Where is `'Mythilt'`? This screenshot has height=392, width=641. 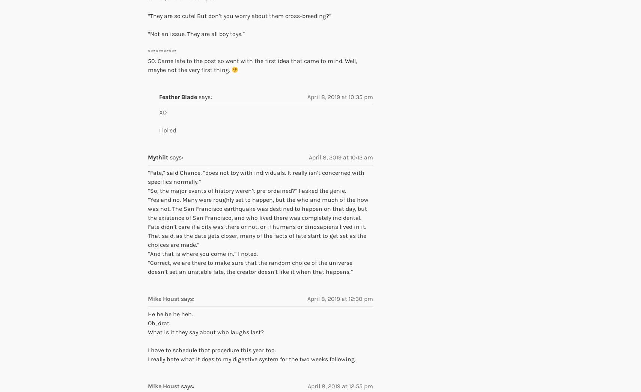
'Mythilt' is located at coordinates (148, 157).